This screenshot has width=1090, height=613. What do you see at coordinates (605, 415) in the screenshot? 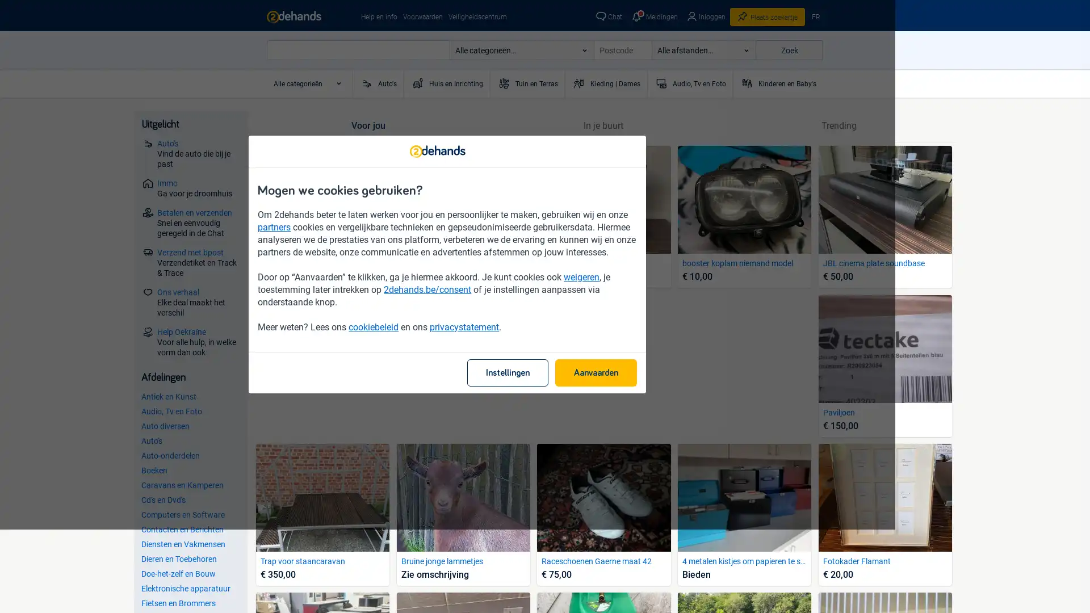
I see `Instellingen` at bounding box center [605, 415].